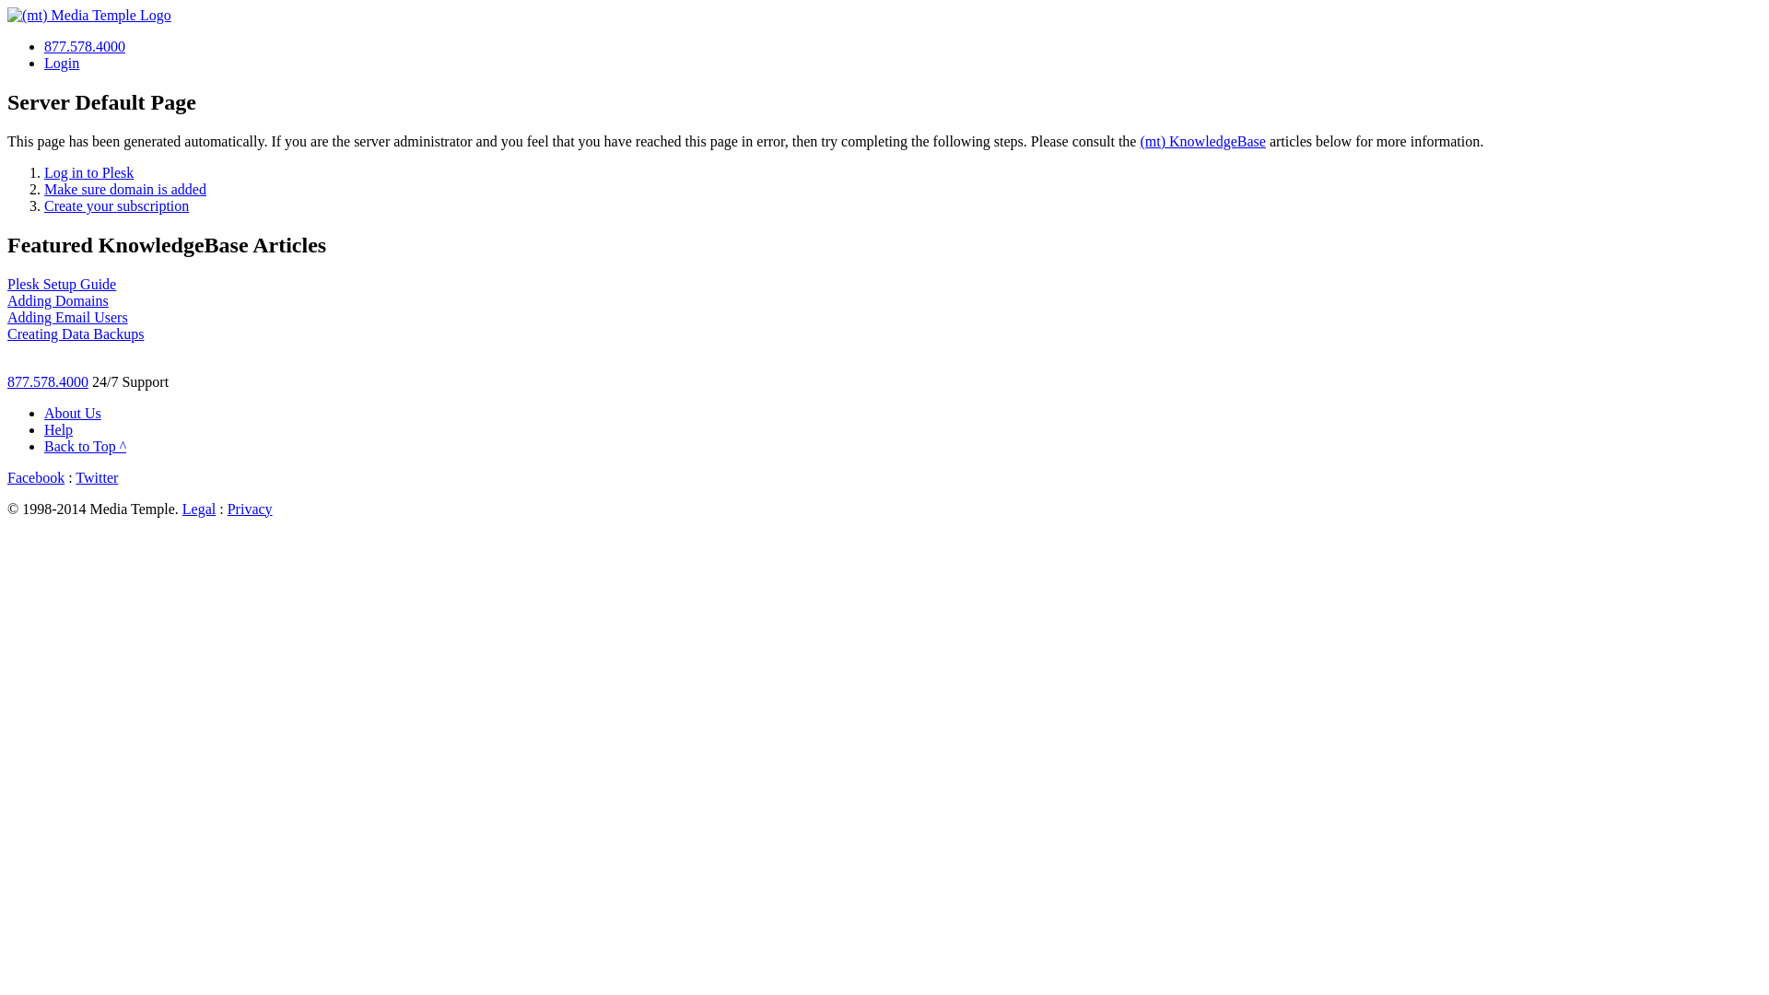  Describe the element at coordinates (67, 316) in the screenshot. I see `'Adding Email Users'` at that location.